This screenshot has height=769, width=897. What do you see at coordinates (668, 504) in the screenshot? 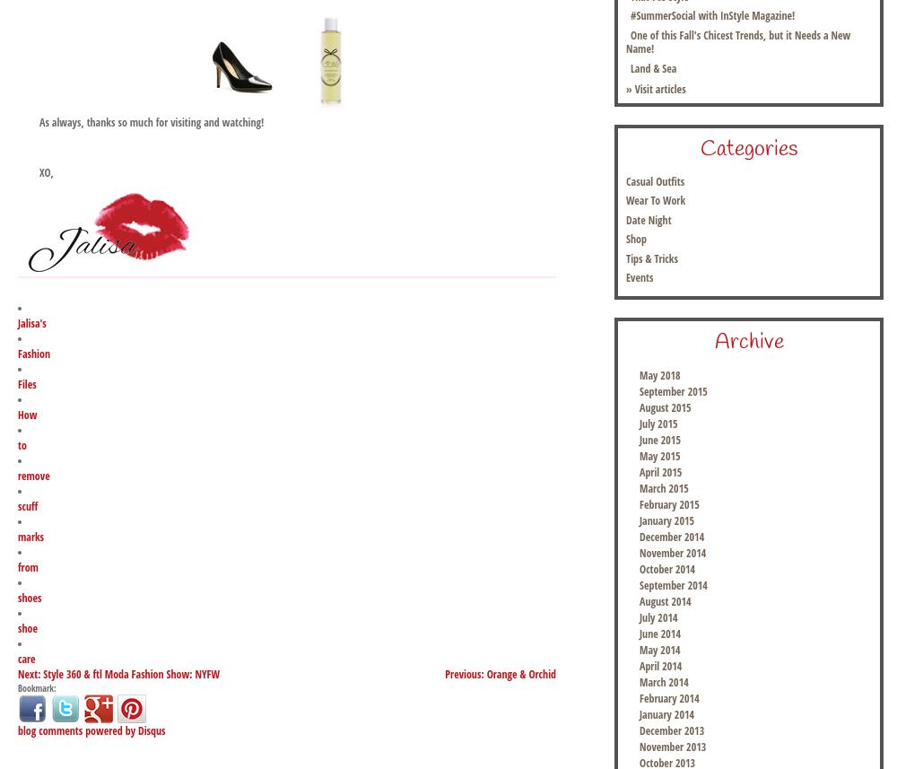
I see `'February 2015'` at bounding box center [668, 504].